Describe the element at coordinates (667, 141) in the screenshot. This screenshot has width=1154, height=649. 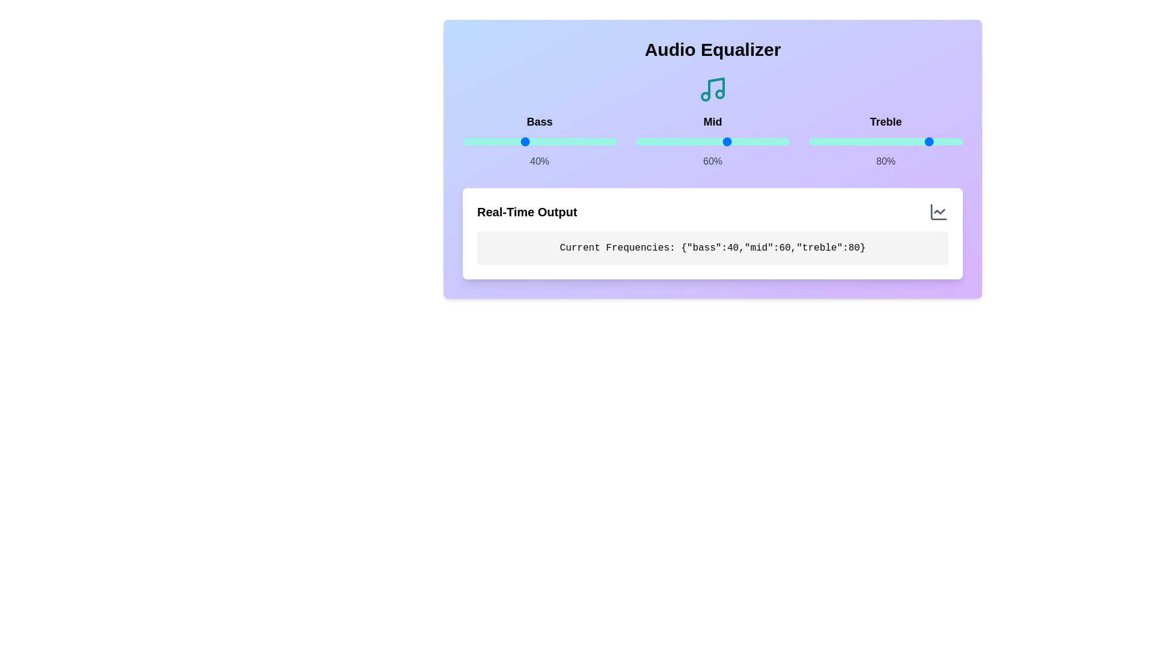
I see `the 'Mid' frequency level` at that location.